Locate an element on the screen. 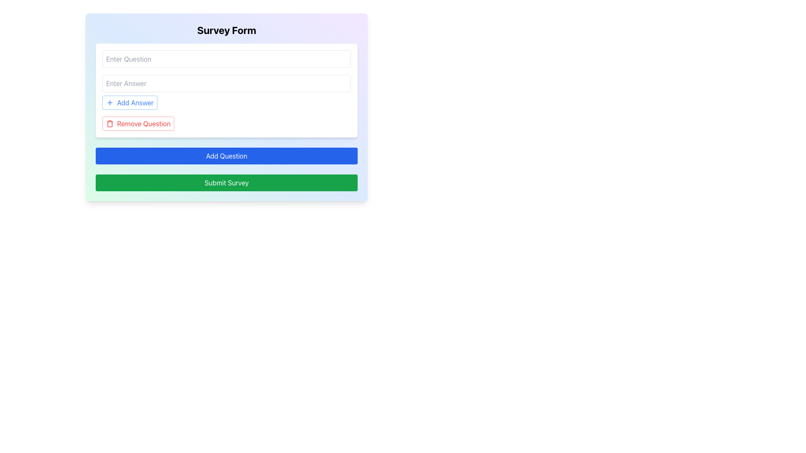 The width and height of the screenshot is (806, 453). the green rectangular button labeled 'Submit Survey' for accessibility navigation is located at coordinates (226, 182).